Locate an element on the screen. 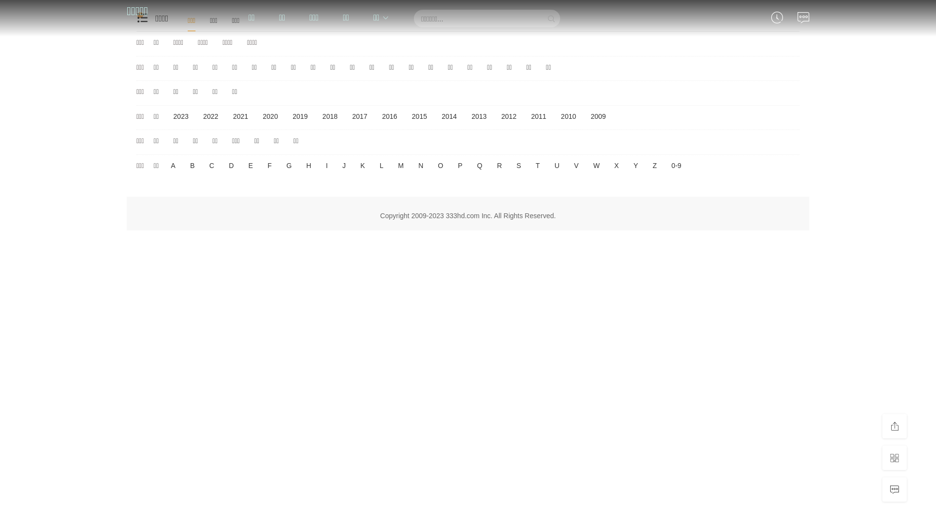 The width and height of the screenshot is (936, 526). '2011' is located at coordinates (526, 116).